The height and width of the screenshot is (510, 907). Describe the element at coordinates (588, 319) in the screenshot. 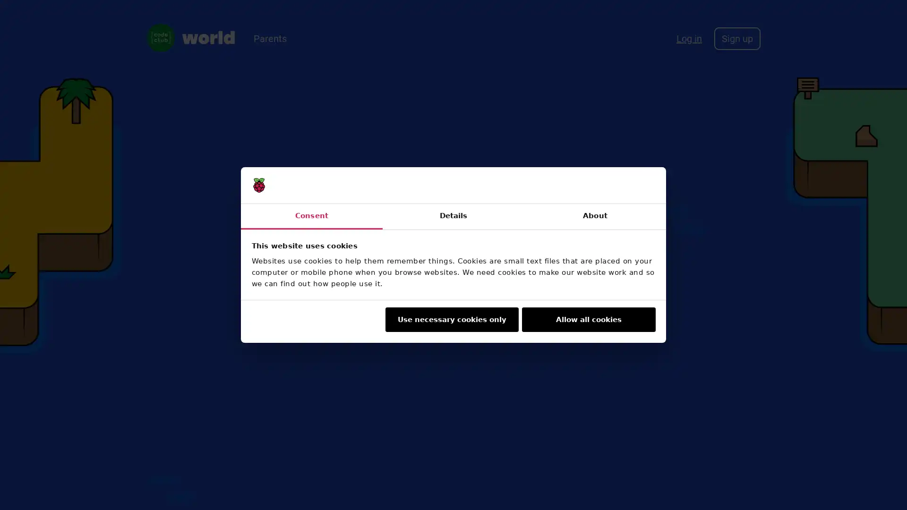

I see `Allow all cookies` at that location.